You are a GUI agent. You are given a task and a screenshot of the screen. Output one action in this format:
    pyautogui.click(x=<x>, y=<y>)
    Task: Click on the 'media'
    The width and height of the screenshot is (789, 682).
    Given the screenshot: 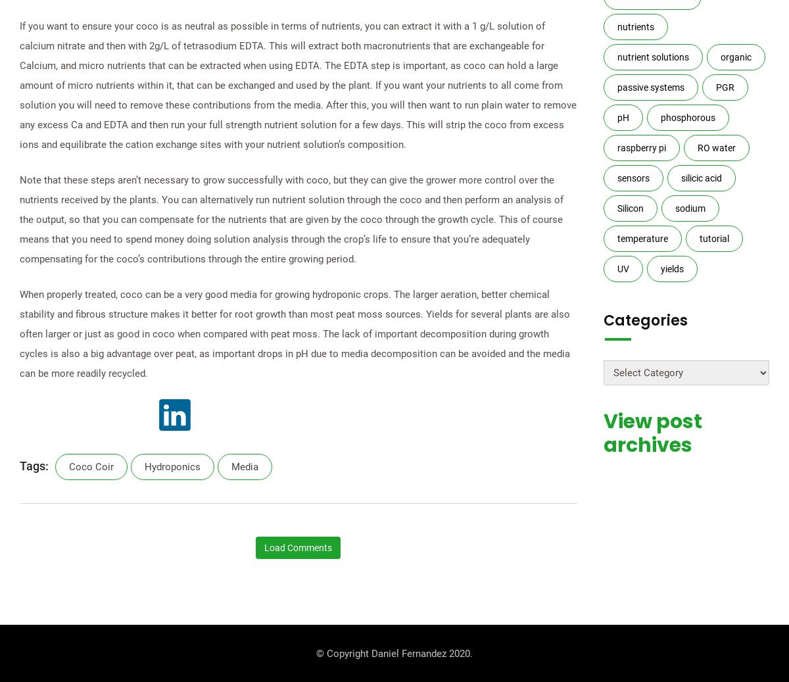 What is the action you would take?
    pyautogui.click(x=231, y=466)
    